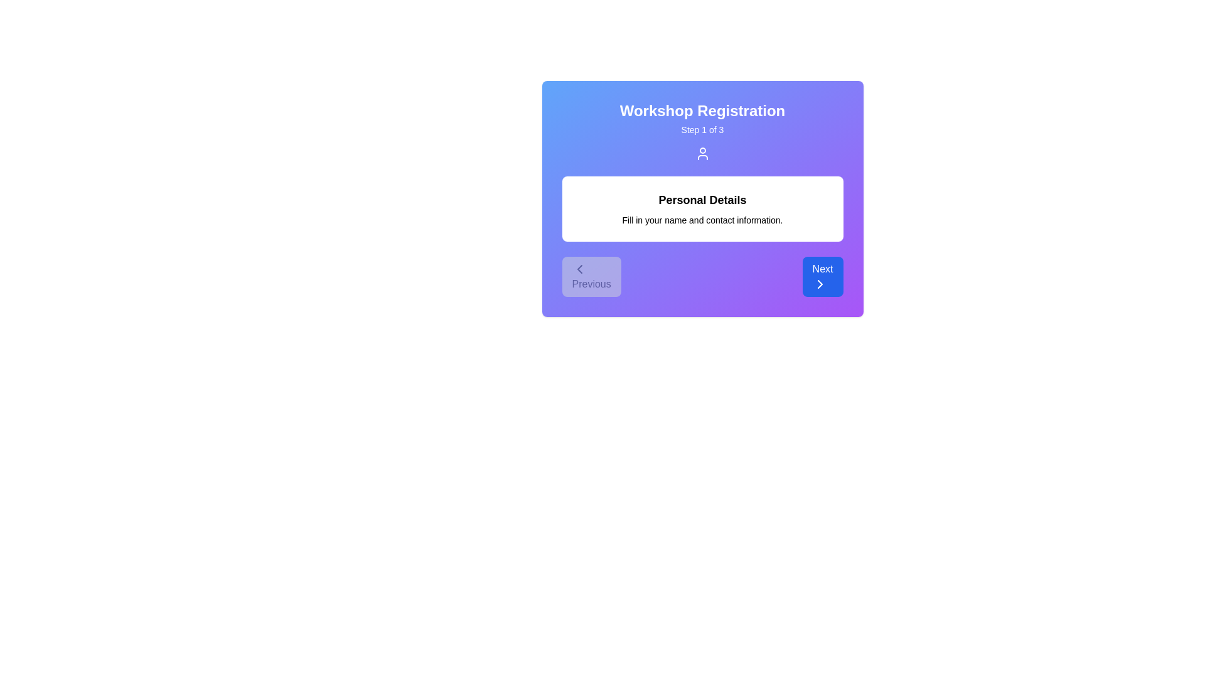 Image resolution: width=1205 pixels, height=678 pixels. I want to click on the instructional static text located under the 'Personal Details' title, which guides users on filling out form details, so click(702, 220).